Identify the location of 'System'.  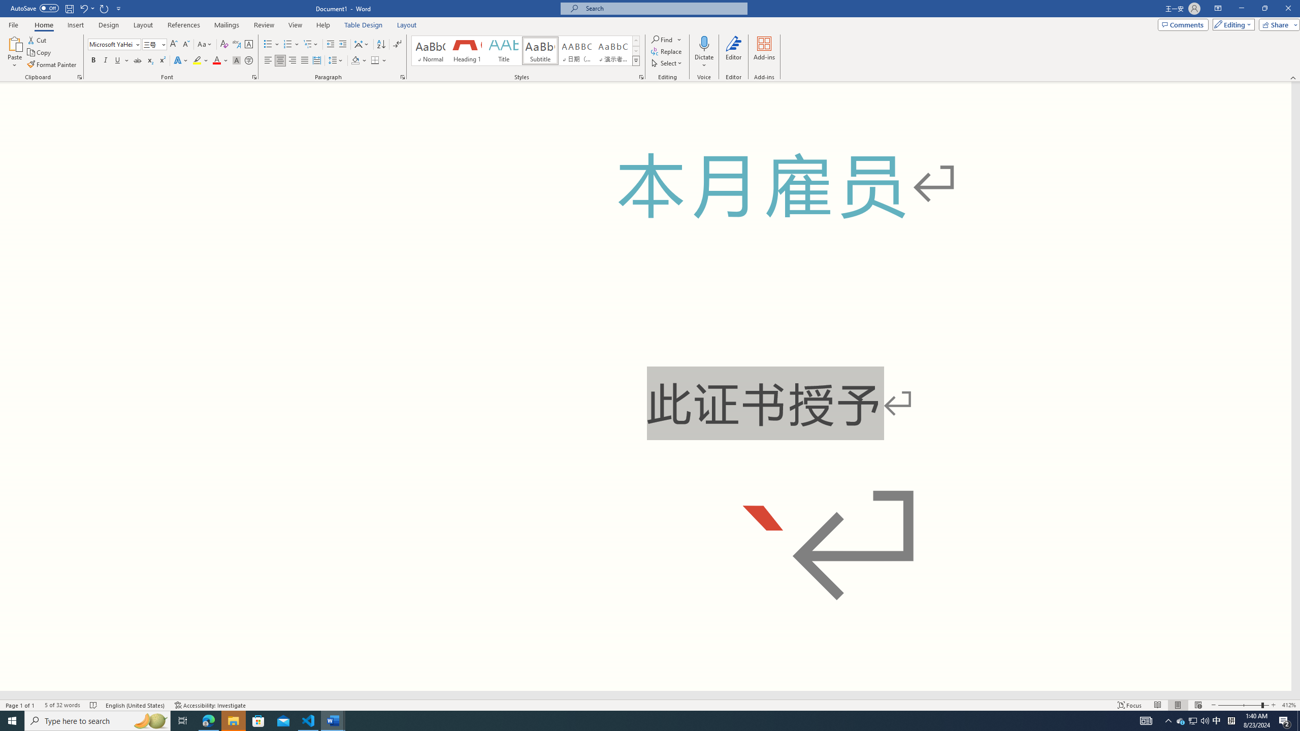
(6, 5).